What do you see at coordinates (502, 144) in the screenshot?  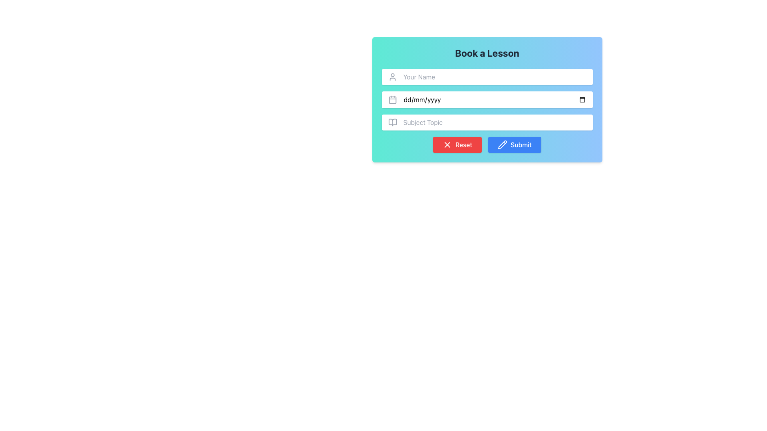 I see `the icon that visually reinforces the submission action, located on the left side of the 'Submit' button in the bottom-right area of the dialog box` at bounding box center [502, 144].